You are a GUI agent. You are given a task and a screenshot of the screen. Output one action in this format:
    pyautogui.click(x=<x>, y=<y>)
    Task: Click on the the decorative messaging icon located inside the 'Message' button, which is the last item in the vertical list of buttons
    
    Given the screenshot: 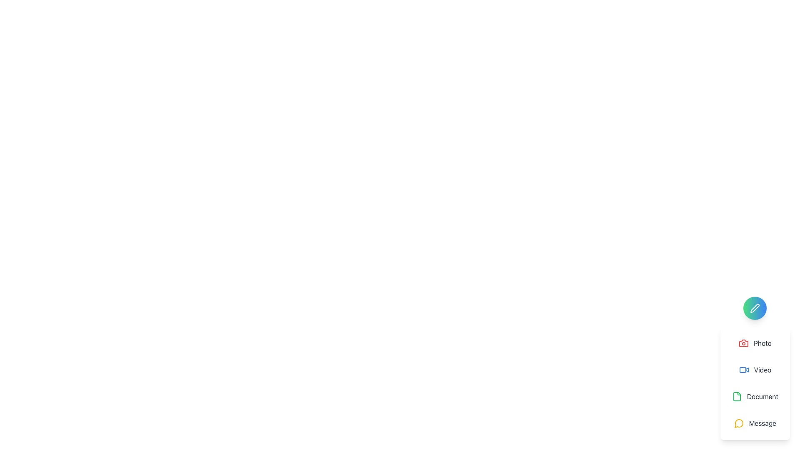 What is the action you would take?
    pyautogui.click(x=739, y=423)
    